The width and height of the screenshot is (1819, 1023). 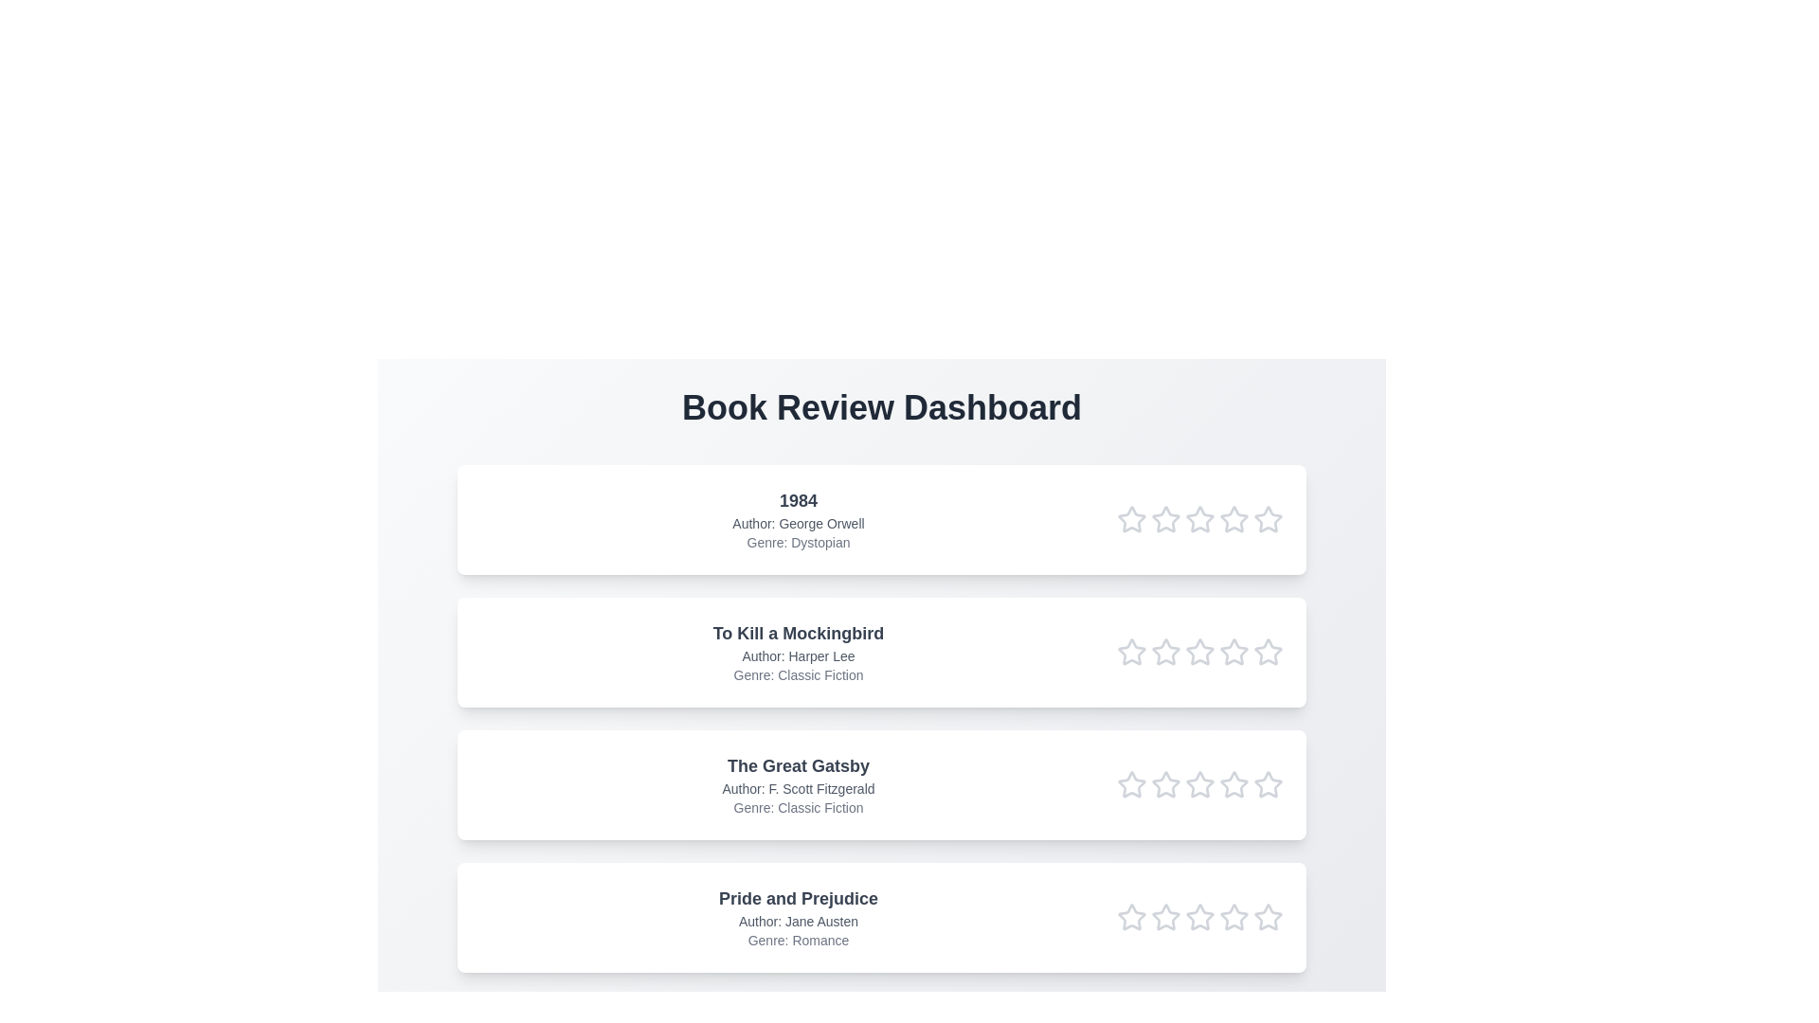 What do you see at coordinates (1132, 916) in the screenshot?
I see `the star corresponding to 1 in the rating row of the book titled Pride and Prejudice` at bounding box center [1132, 916].